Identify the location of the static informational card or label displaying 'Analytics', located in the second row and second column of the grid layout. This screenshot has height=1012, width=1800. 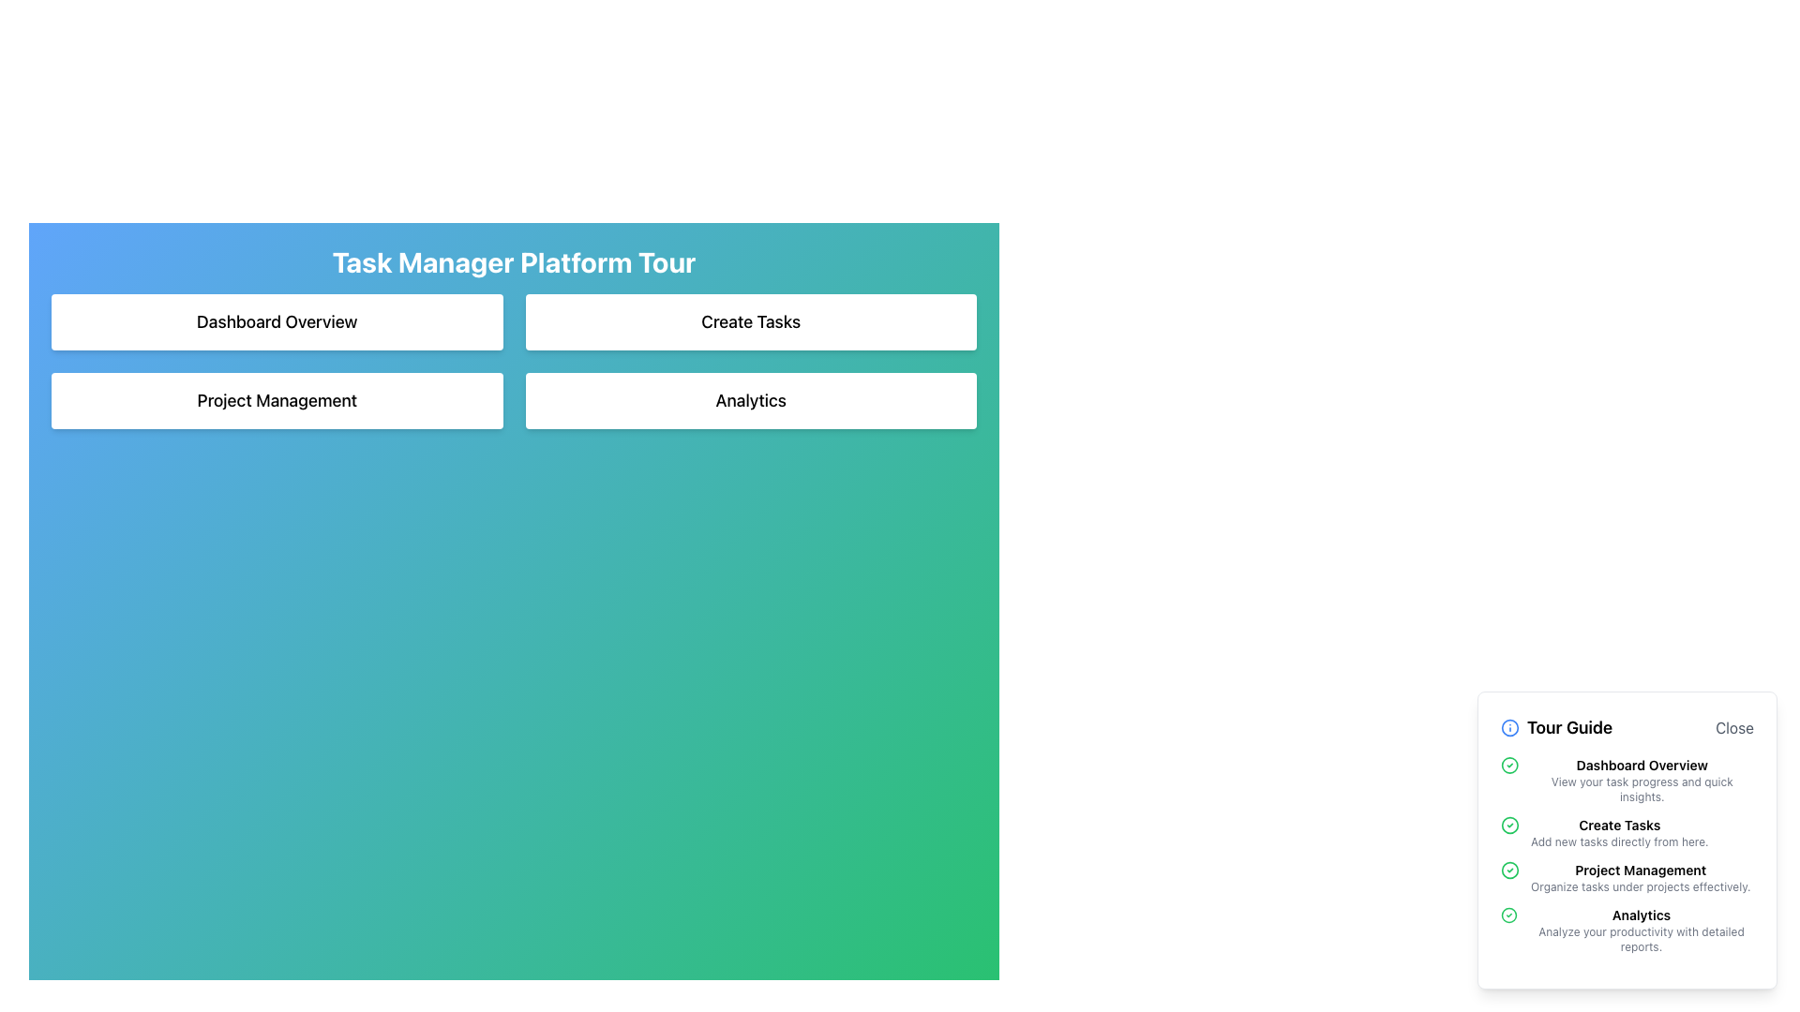
(751, 400).